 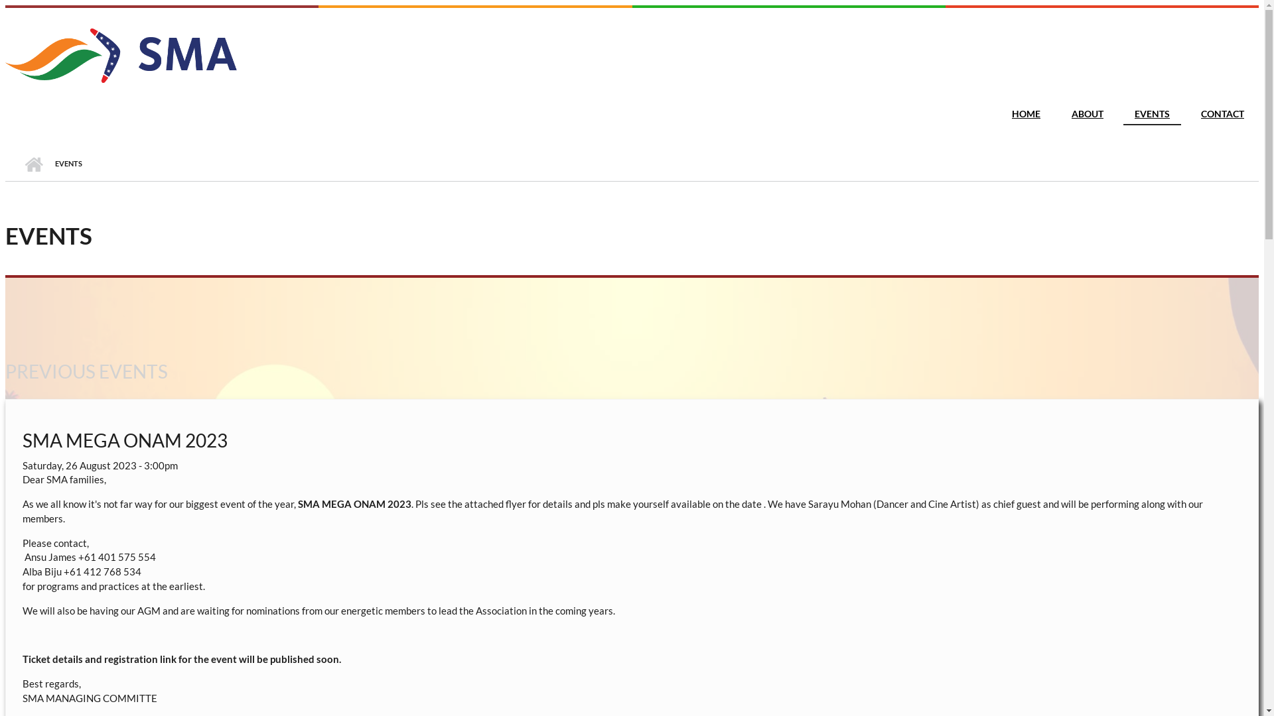 What do you see at coordinates (1000, 113) in the screenshot?
I see `'HOME'` at bounding box center [1000, 113].